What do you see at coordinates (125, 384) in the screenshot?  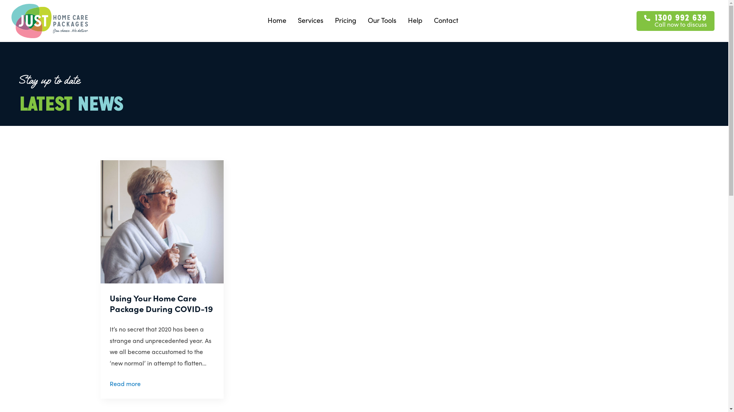 I see `'Read more'` at bounding box center [125, 384].